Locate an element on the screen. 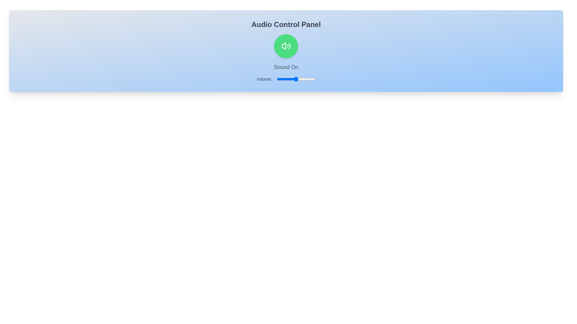  the volume slider to set the volume to 22% is located at coordinates (285, 79).